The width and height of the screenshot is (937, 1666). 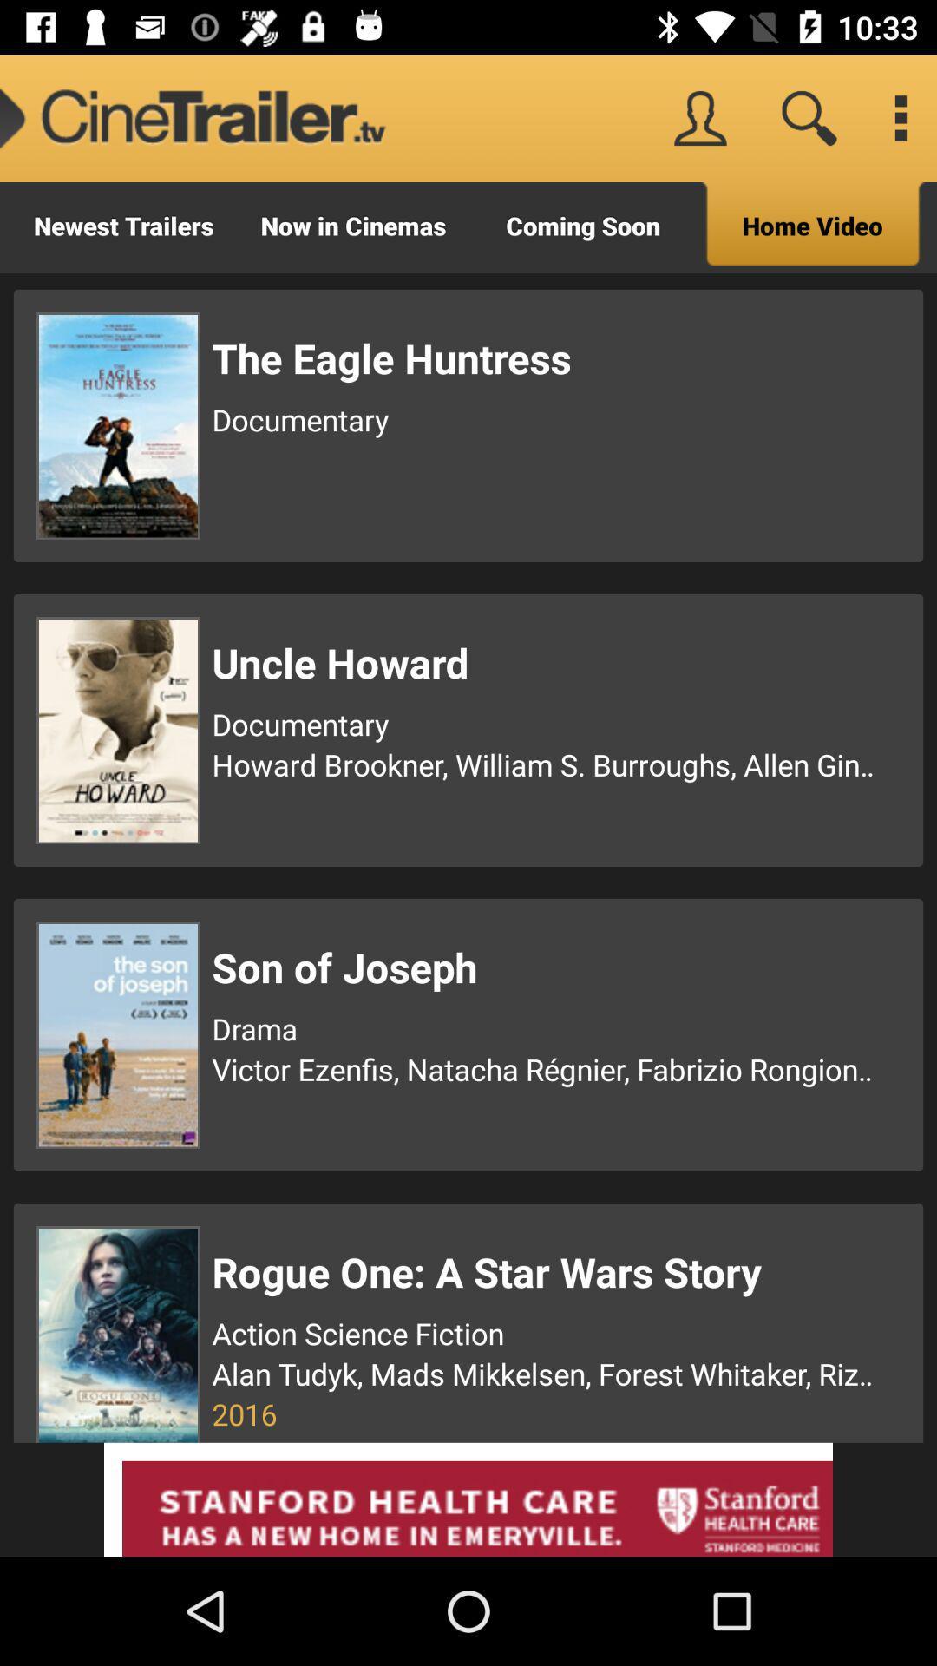 I want to click on icon next to now in cinemas, so click(x=583, y=226).